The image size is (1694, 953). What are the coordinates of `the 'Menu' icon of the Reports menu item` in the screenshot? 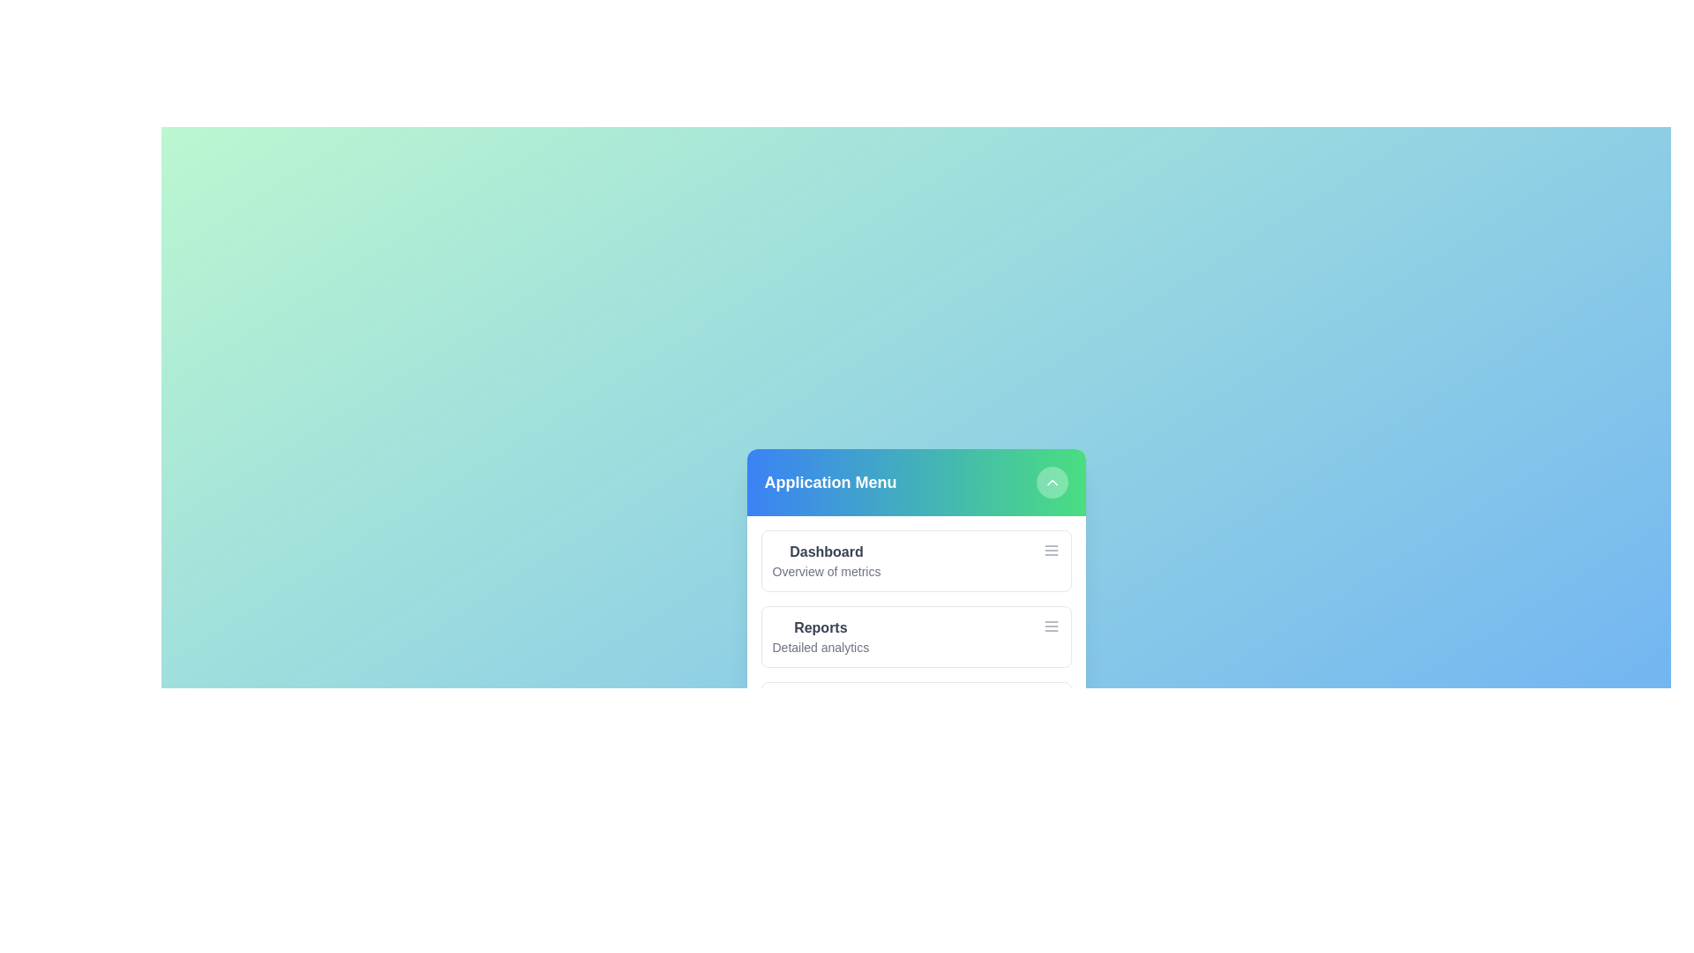 It's located at (1051, 625).